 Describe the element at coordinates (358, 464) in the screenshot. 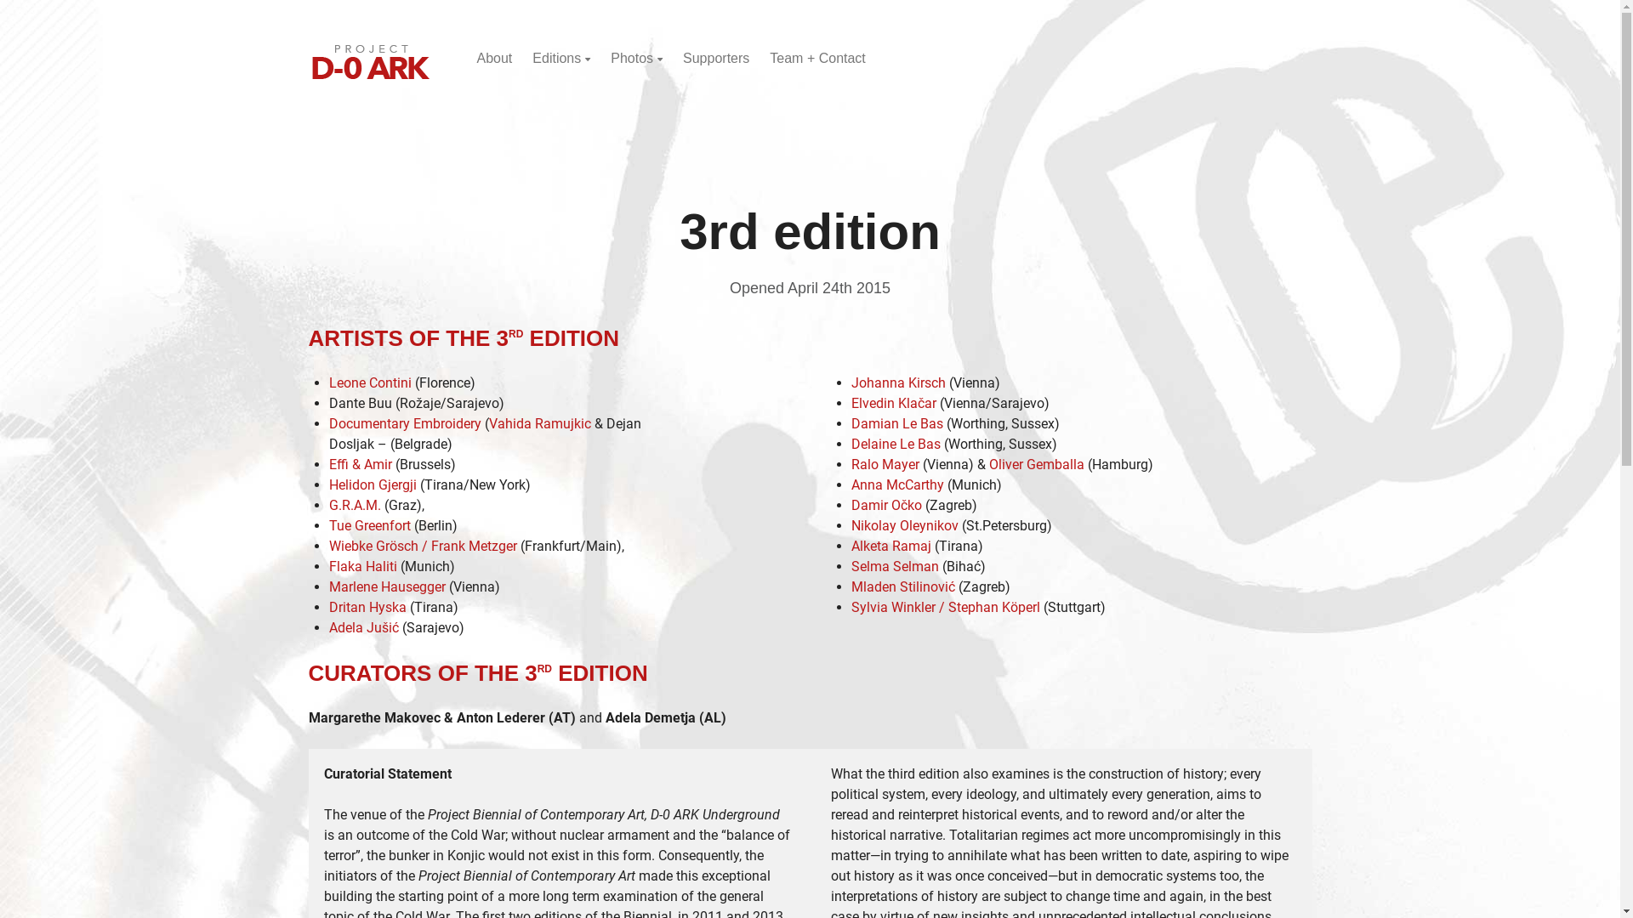

I see `'Effi & Amir'` at that location.